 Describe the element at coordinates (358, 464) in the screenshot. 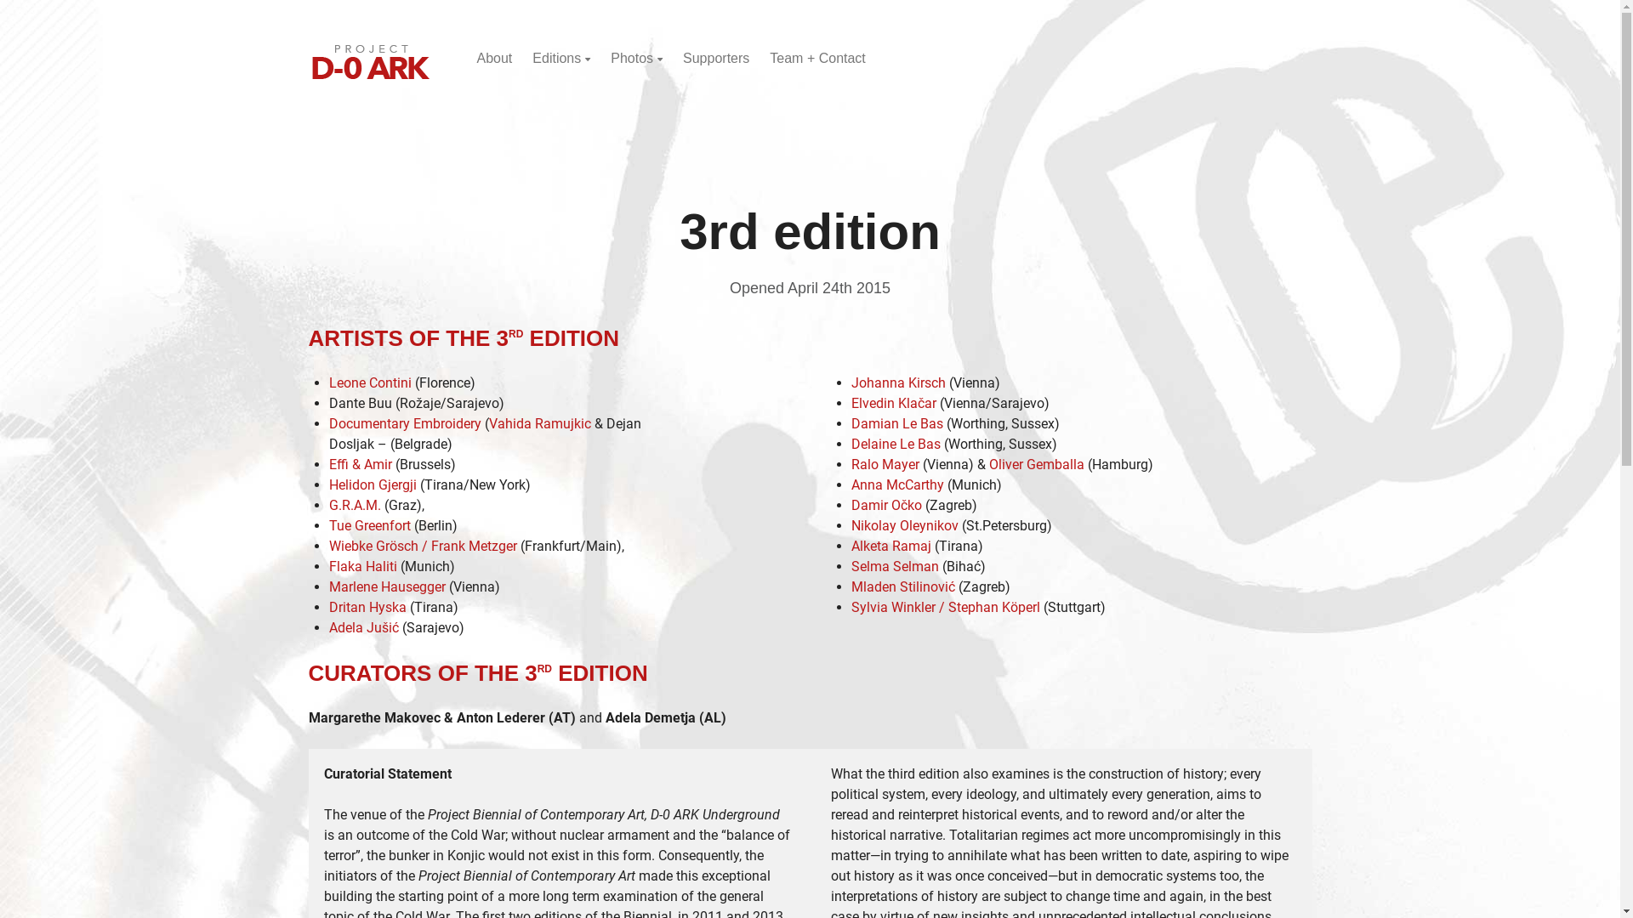

I see `'Effi & Amir'` at that location.